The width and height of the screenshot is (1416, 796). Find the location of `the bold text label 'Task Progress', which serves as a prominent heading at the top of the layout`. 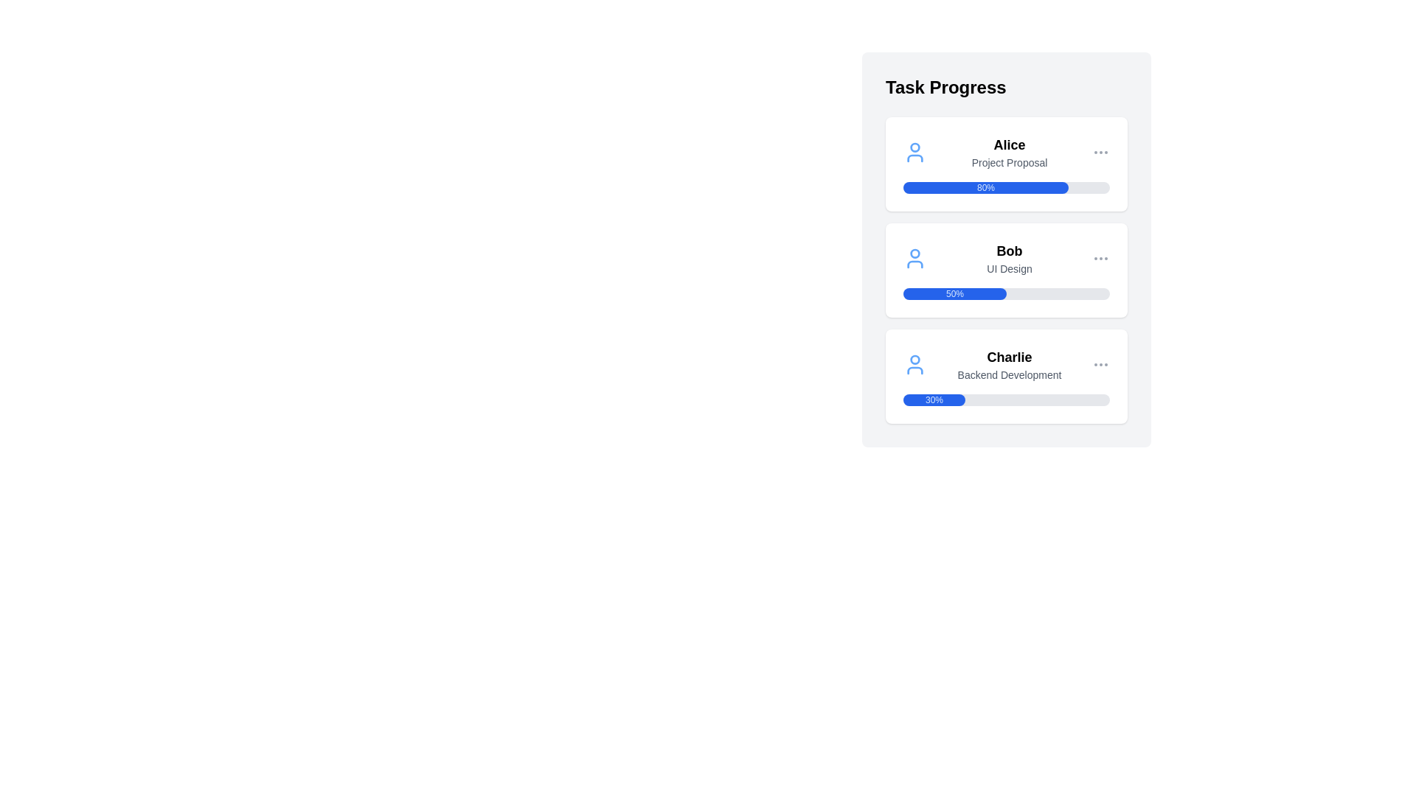

the bold text label 'Task Progress', which serves as a prominent heading at the top of the layout is located at coordinates (945, 88).